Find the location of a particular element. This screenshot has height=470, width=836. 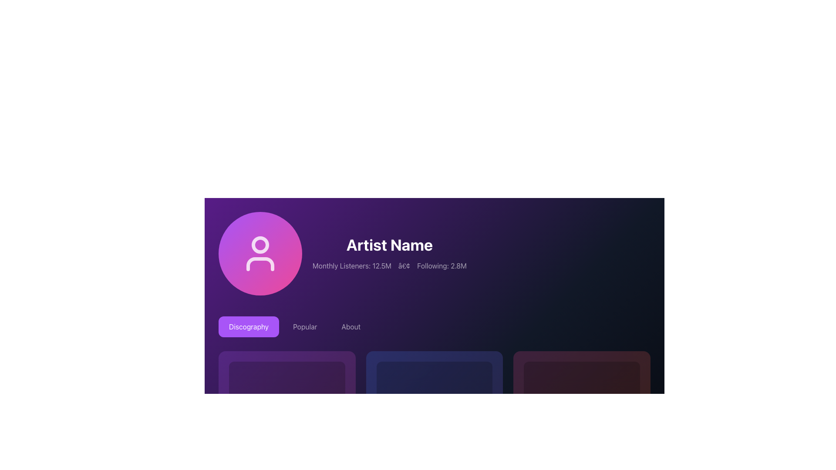

the profile icon located in the top-left portion of the main content area, which is a circular SVG icon with a gradient background transitioning from purple to pink is located at coordinates (260, 253).